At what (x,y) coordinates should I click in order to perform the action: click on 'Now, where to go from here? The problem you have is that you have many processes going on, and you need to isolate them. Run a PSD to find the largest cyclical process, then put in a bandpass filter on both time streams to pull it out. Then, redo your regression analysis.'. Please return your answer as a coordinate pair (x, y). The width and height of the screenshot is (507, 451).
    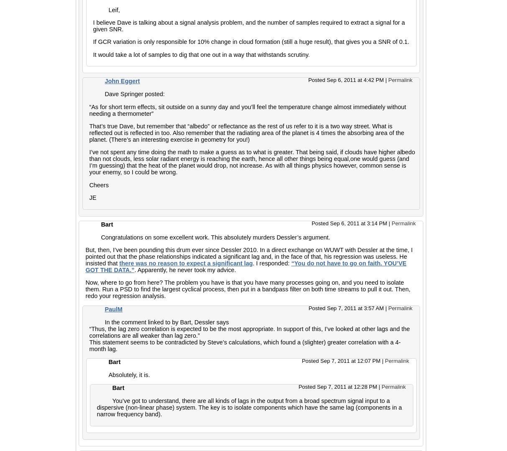
    Looking at the image, I should click on (247, 289).